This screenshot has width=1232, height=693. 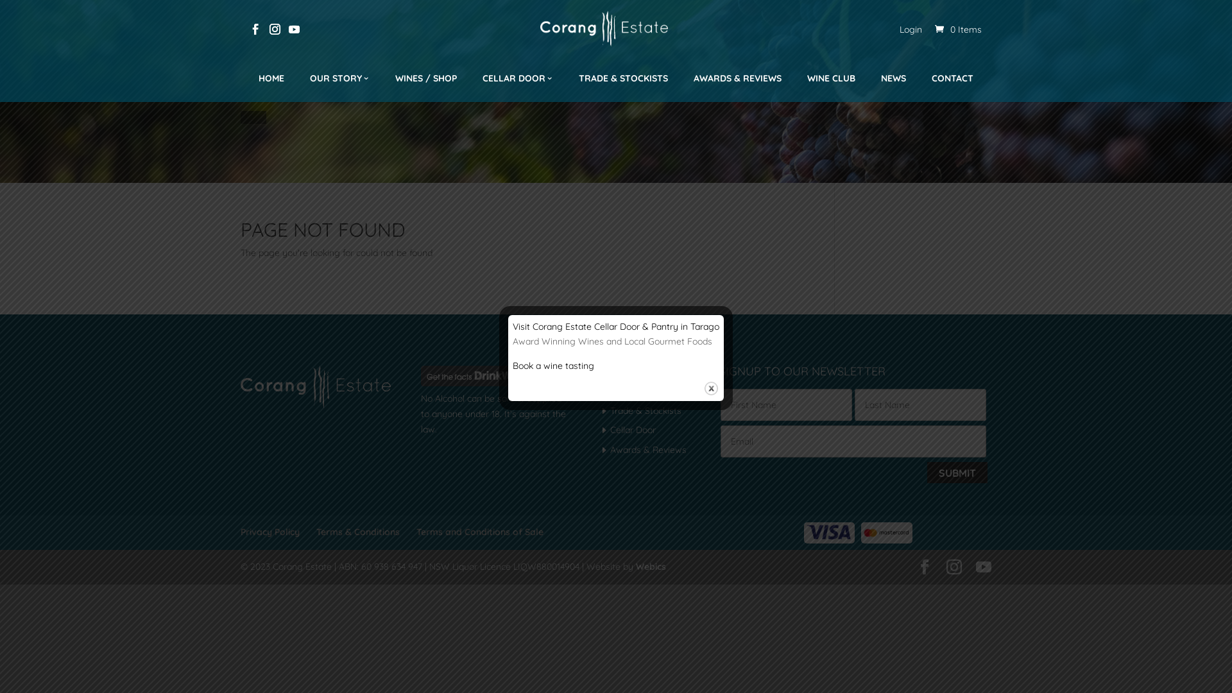 What do you see at coordinates (649, 390) in the screenshot?
I see `'Join Our Wine Club'` at bounding box center [649, 390].